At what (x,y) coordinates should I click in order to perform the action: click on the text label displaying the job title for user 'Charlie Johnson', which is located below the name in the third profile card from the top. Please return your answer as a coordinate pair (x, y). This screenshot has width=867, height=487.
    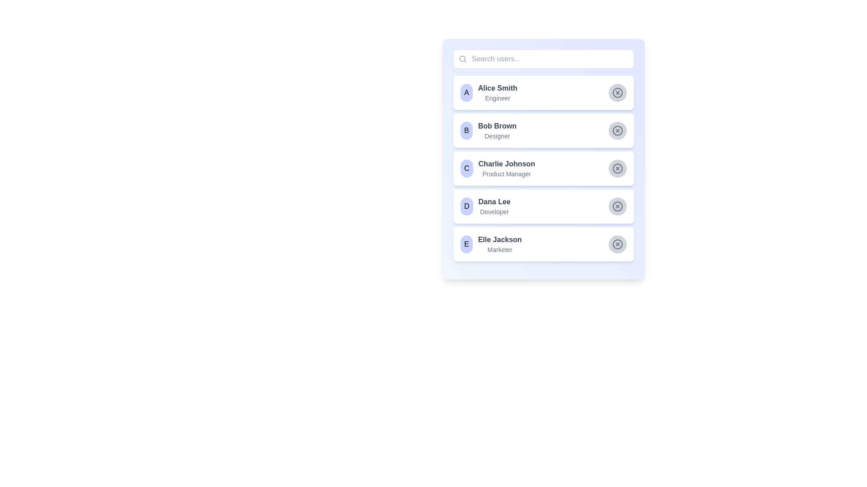
    Looking at the image, I should click on (507, 174).